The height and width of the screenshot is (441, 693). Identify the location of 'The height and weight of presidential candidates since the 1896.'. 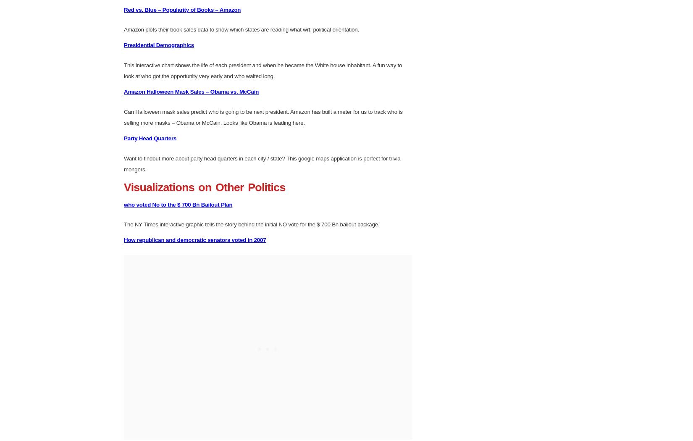
(200, 52).